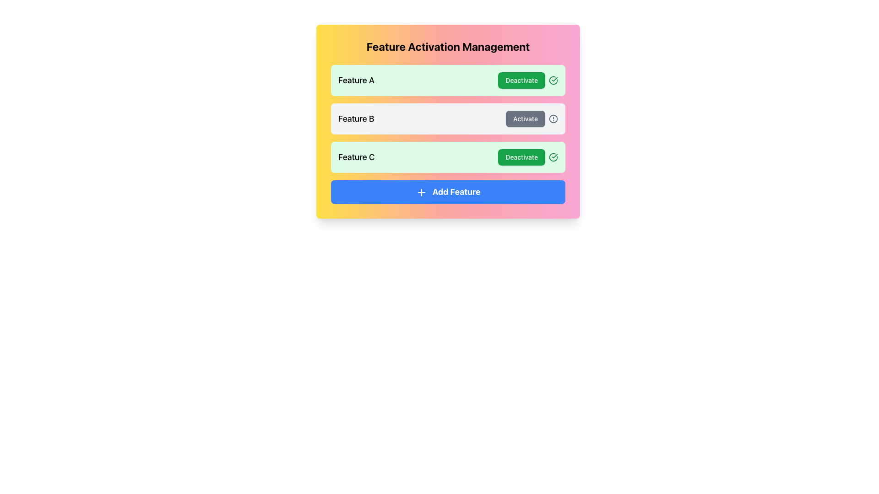 This screenshot has width=879, height=494. I want to click on the button that deactivates 'Feature A', so click(521, 80).